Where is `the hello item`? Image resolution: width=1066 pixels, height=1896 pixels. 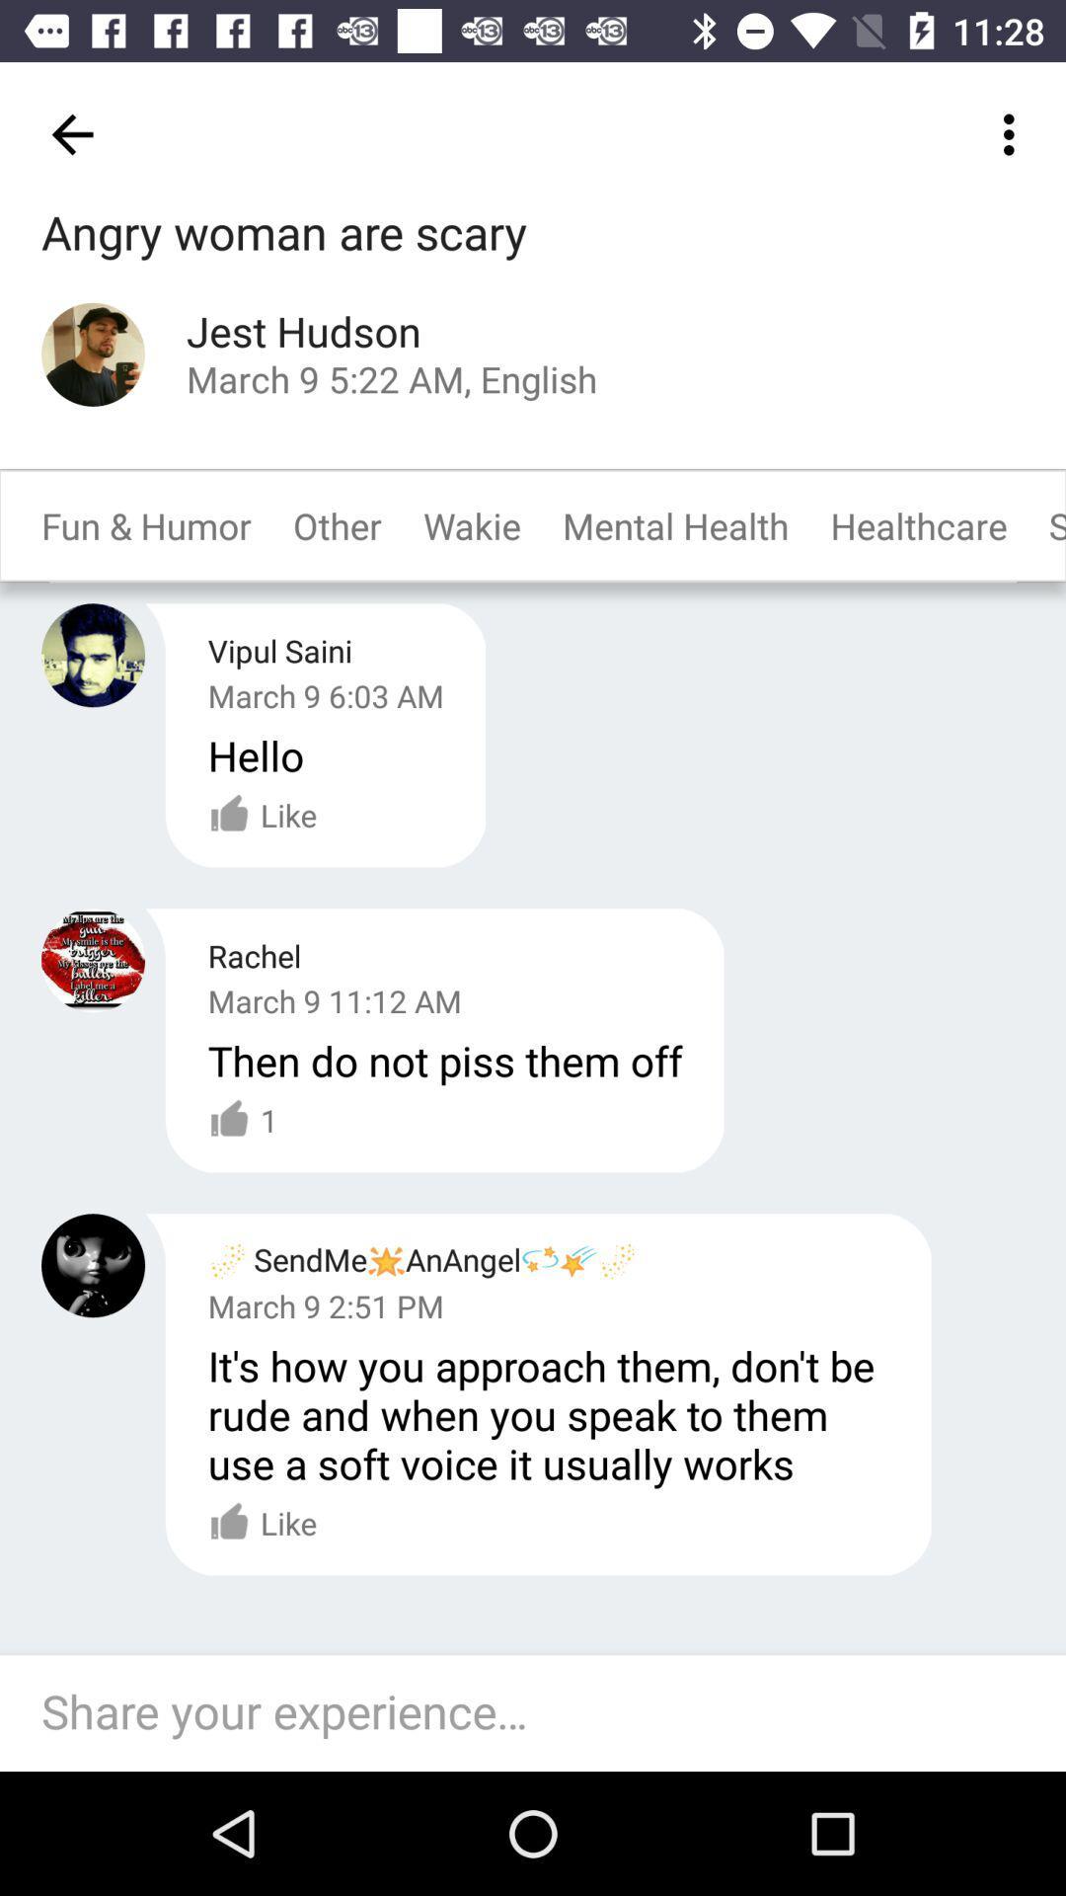
the hello item is located at coordinates (255, 753).